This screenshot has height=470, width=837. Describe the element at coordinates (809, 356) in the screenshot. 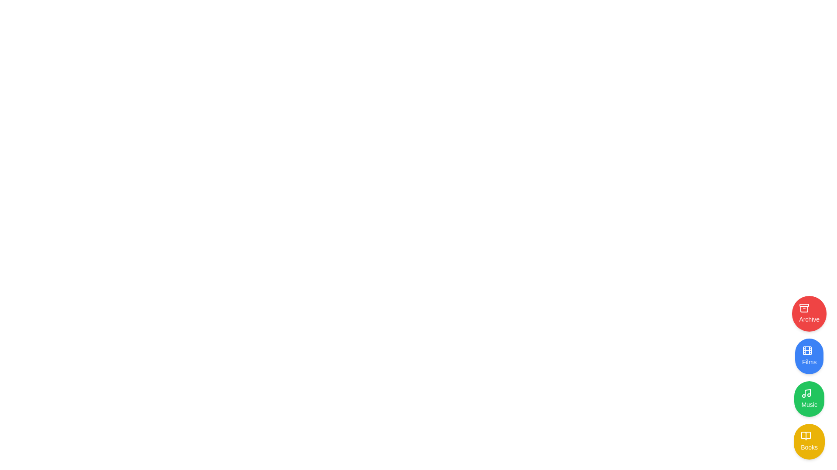

I see `the button located below the 'Archive' button and above the 'Music' button to trigger a visual response` at that location.